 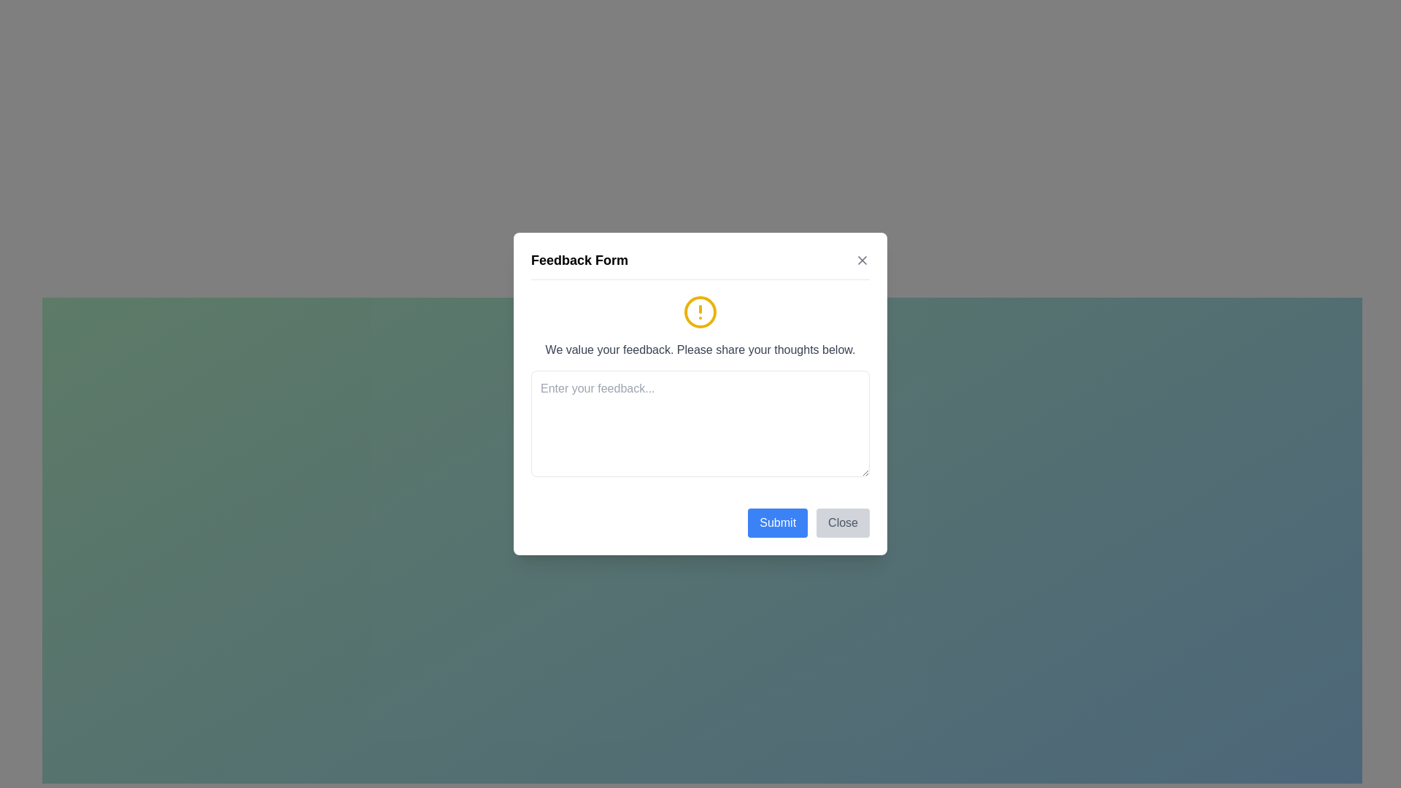 I want to click on the 'Close' button located at the bottom-right corner of the modal dialog, so click(x=843, y=522).